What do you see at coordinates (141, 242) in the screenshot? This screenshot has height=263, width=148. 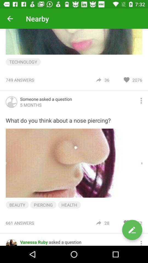 I see `more options` at bounding box center [141, 242].